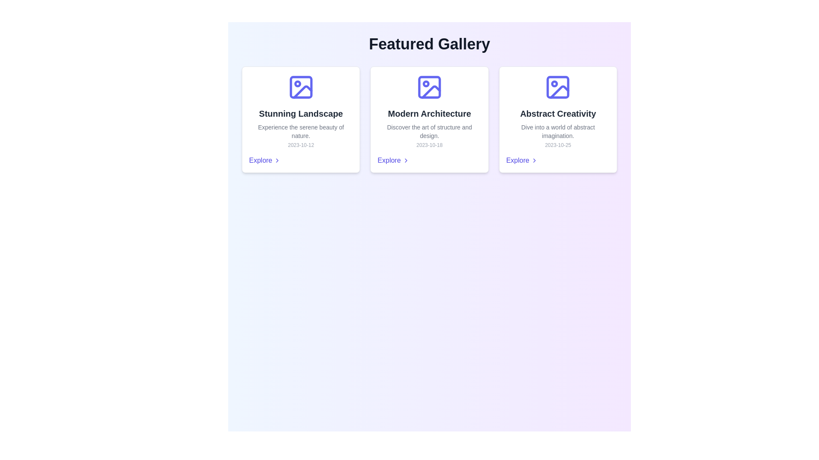 The width and height of the screenshot is (819, 460). I want to click on text label displaying 'Dive into a world of abstract imagination.' which is styled in gray and positioned below the heading 'Abstract Creativity' and above the date '2023-10-25' in the third card of a horizontally aligned group of cards, so click(558, 131).